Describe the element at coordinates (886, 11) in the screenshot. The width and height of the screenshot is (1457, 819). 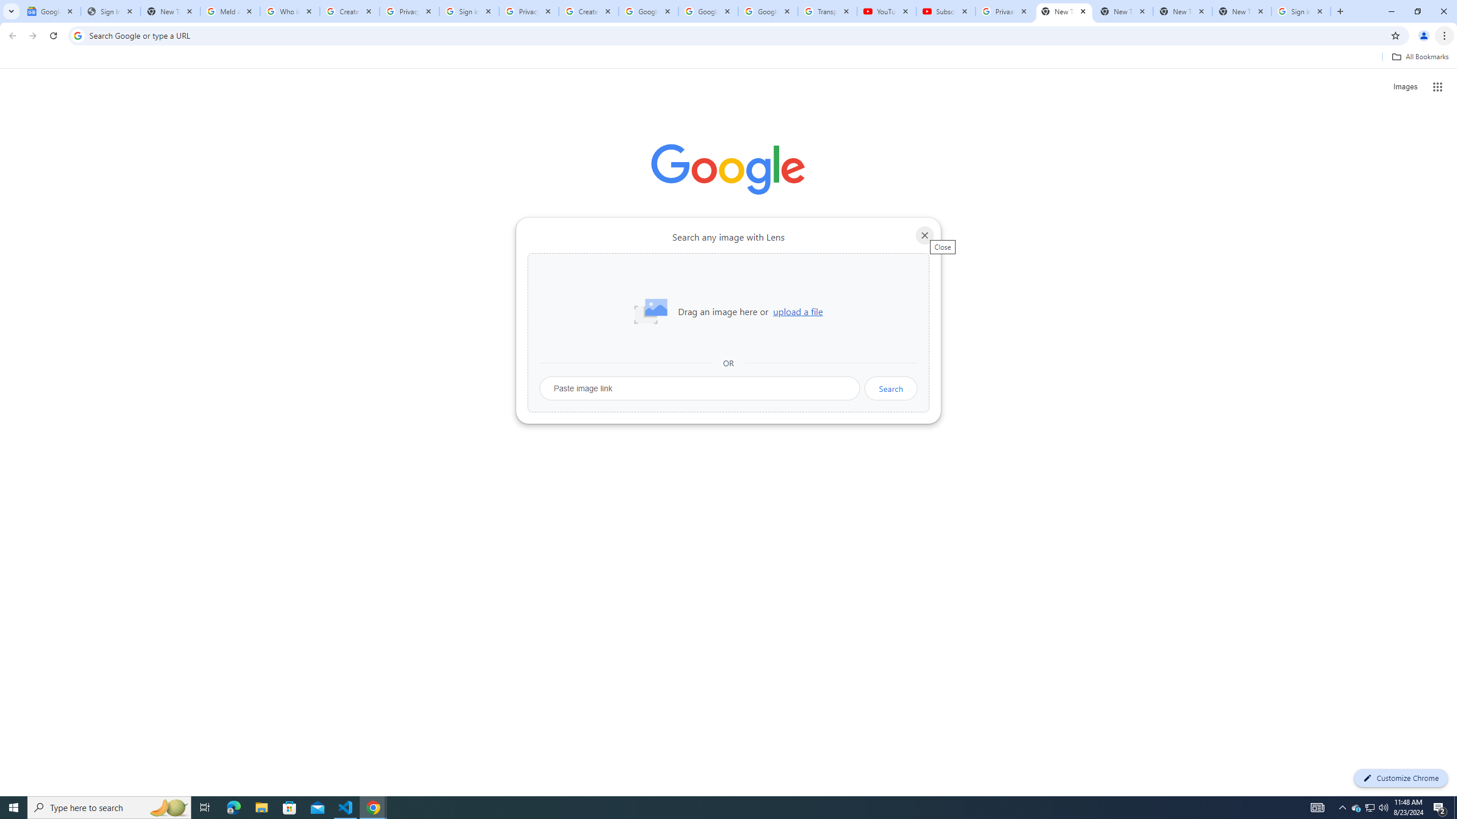
I see `'YouTube'` at that location.